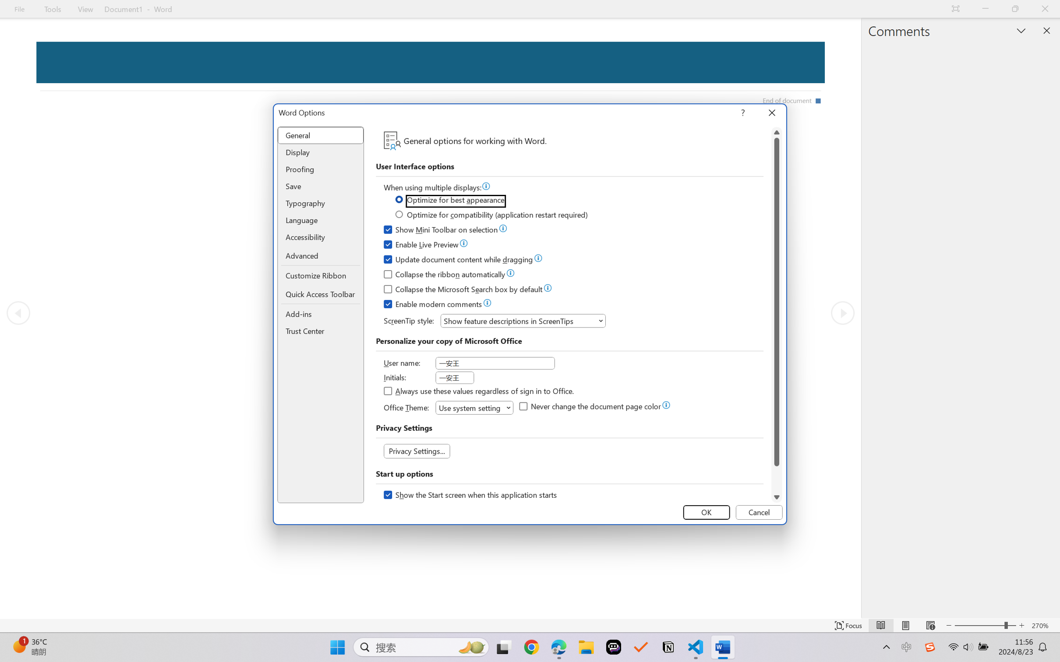  Describe the element at coordinates (321, 314) in the screenshot. I see `'Add-ins'` at that location.